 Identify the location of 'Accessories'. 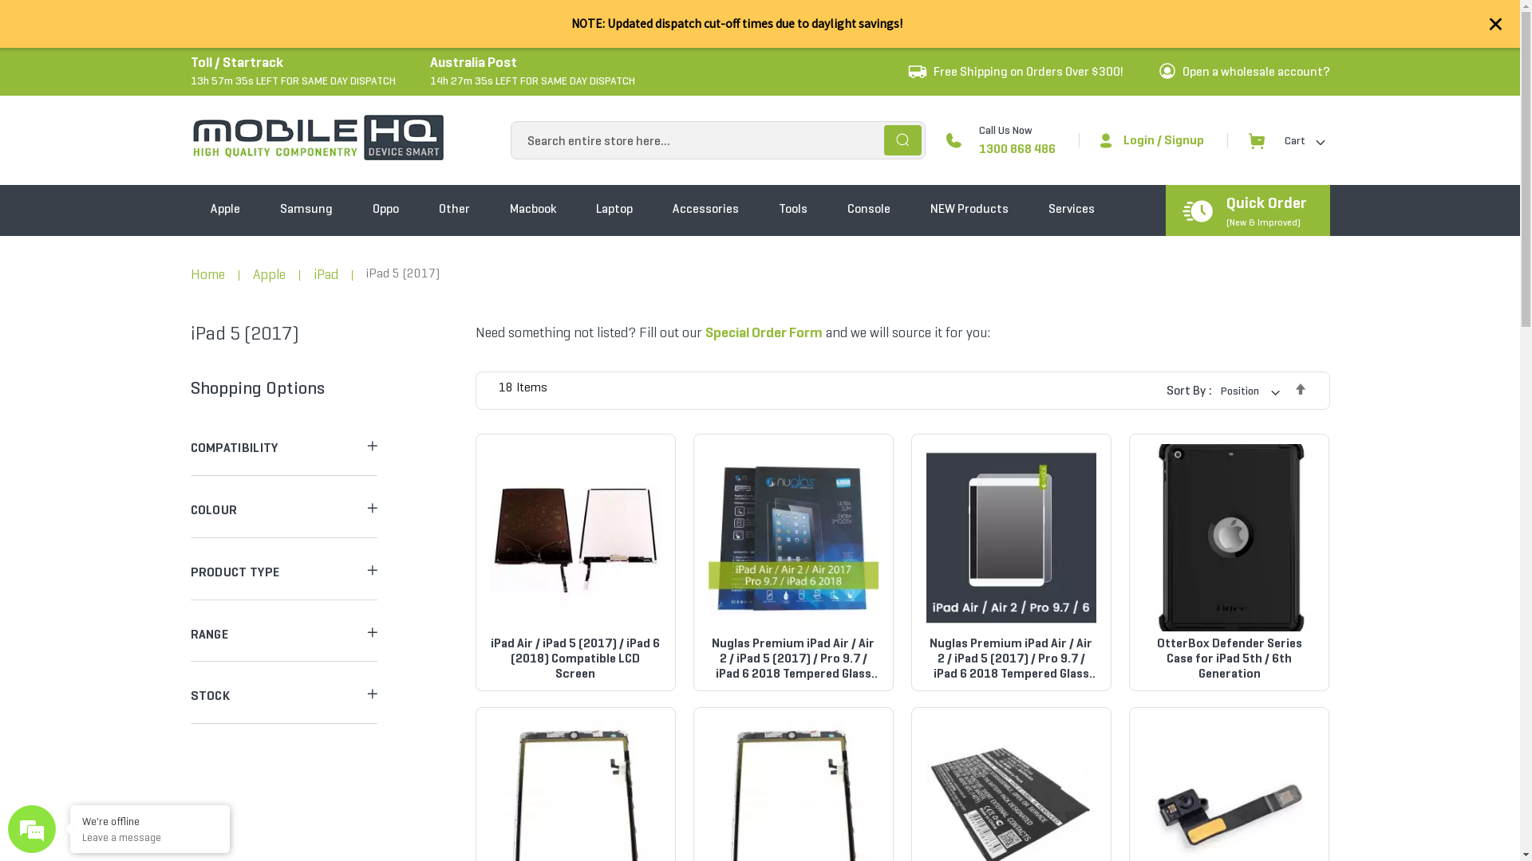
(652, 161).